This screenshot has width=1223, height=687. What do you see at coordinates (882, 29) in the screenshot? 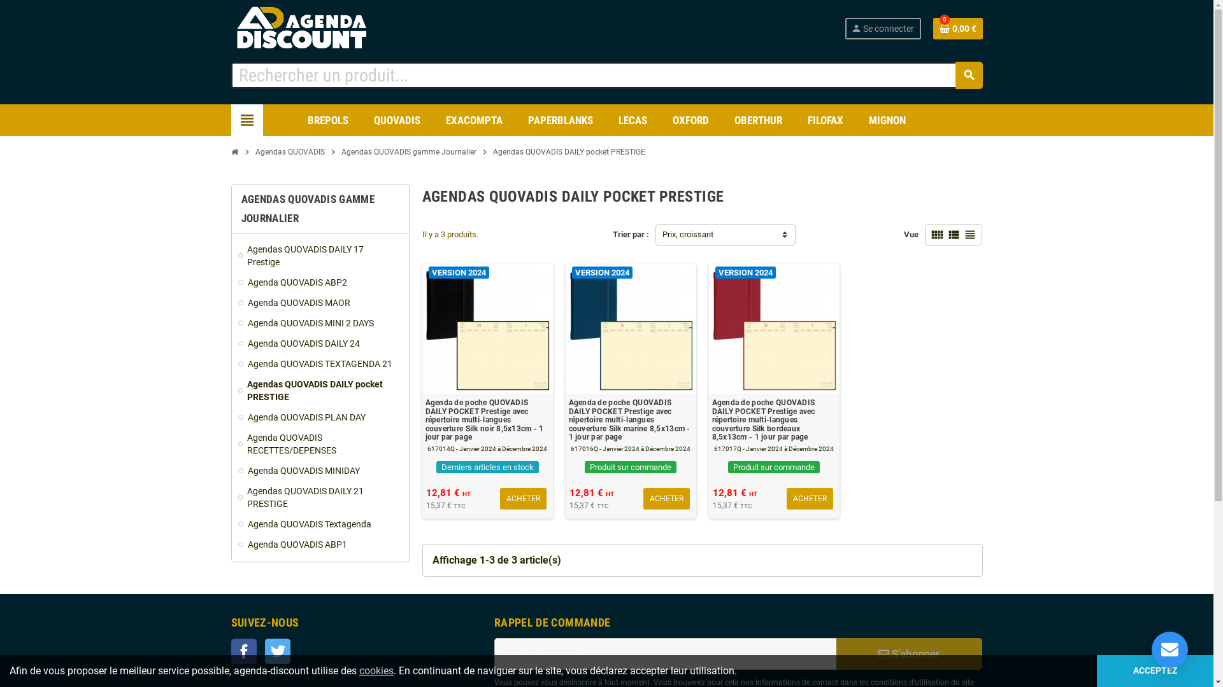
I see `'person` at bounding box center [882, 29].